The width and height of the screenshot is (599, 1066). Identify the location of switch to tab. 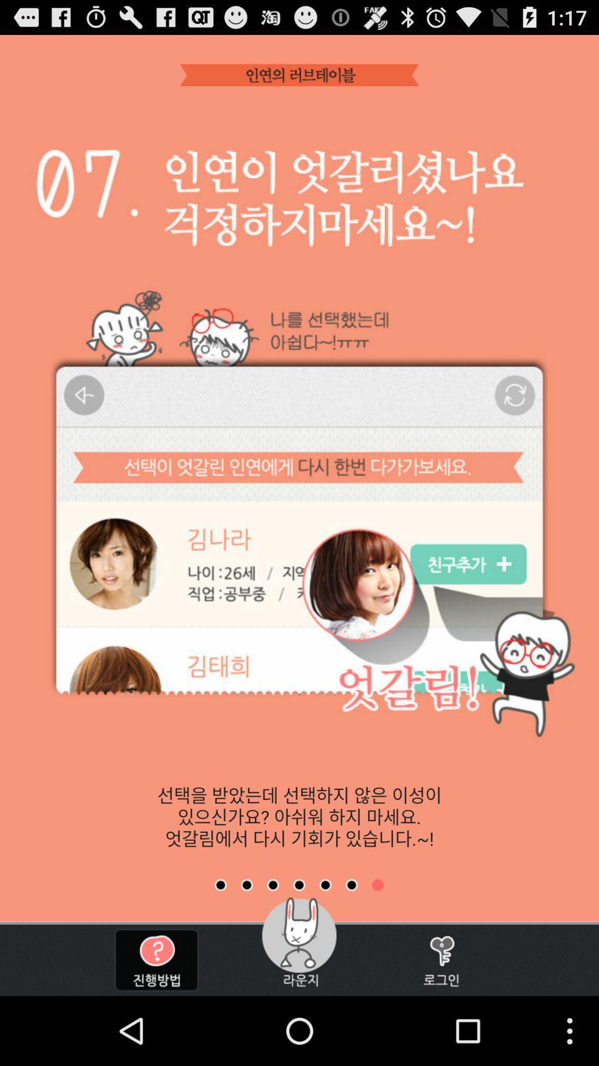
(298, 884).